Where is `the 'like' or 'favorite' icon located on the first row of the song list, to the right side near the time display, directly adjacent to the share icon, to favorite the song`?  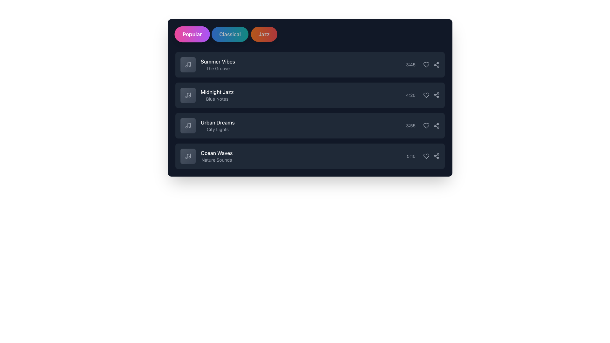 the 'like' or 'favorite' icon located on the first row of the song list, to the right side near the time display, directly adjacent to the share icon, to favorite the song is located at coordinates (426, 65).